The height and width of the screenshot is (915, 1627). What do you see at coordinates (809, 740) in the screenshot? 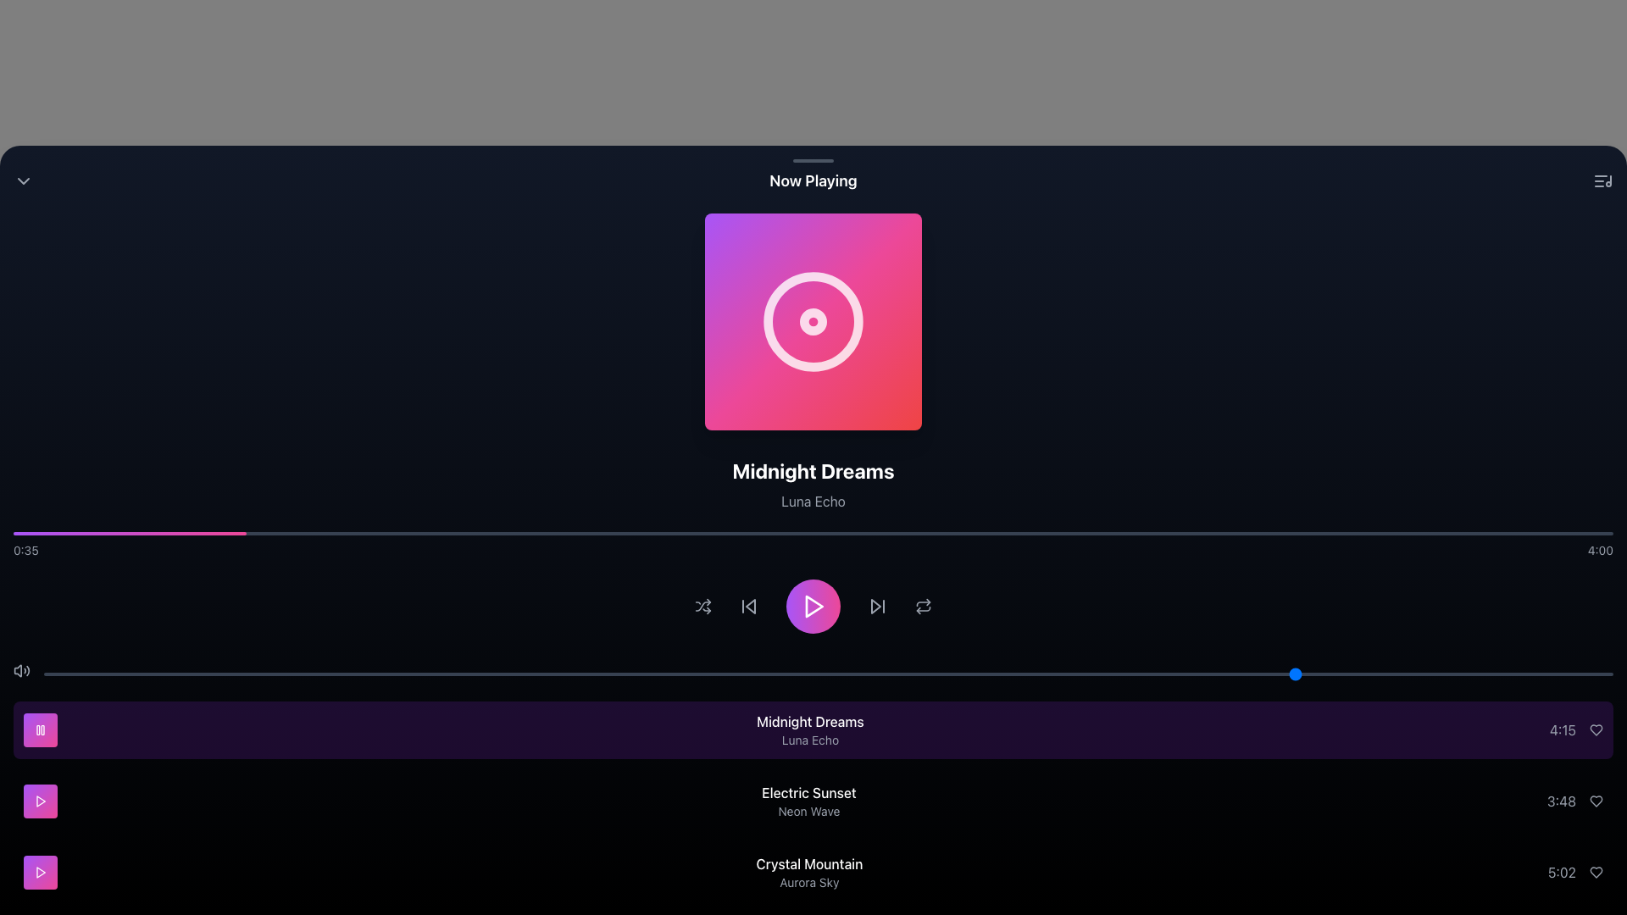
I see `the text label that provides additional information about the artist name of the song, located immediately below the 'Midnight Dreams' element` at bounding box center [809, 740].